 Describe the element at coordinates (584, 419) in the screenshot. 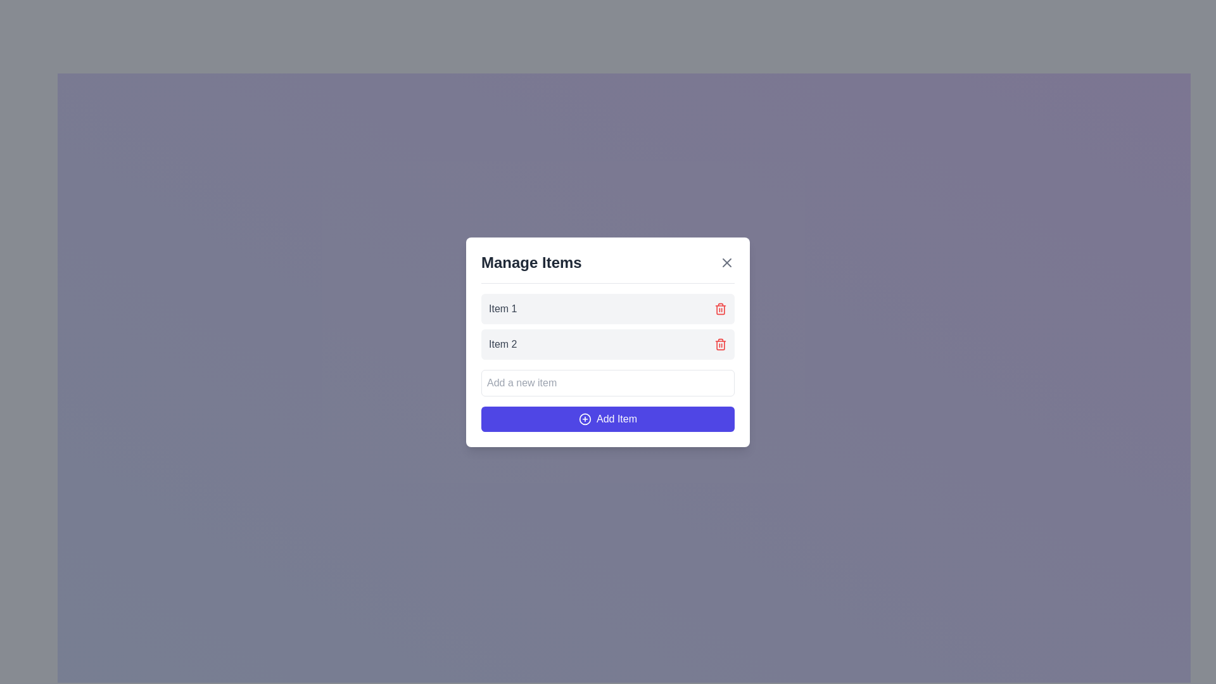

I see `the visually central icon of the blue 'Add Item' button located at the bottom of the card structure` at that location.